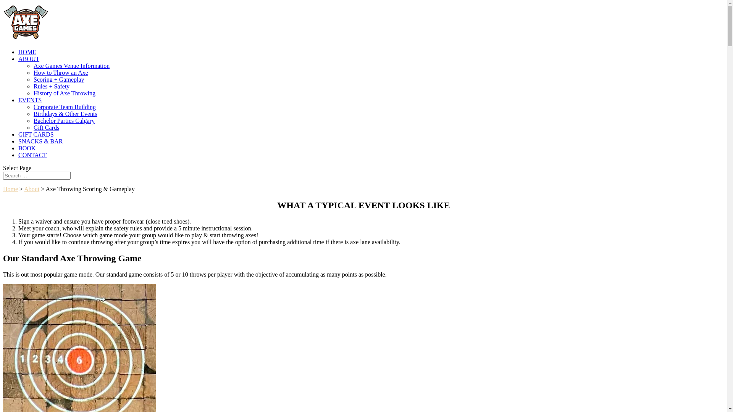  I want to click on 'SNACKS & BAR', so click(18, 141).